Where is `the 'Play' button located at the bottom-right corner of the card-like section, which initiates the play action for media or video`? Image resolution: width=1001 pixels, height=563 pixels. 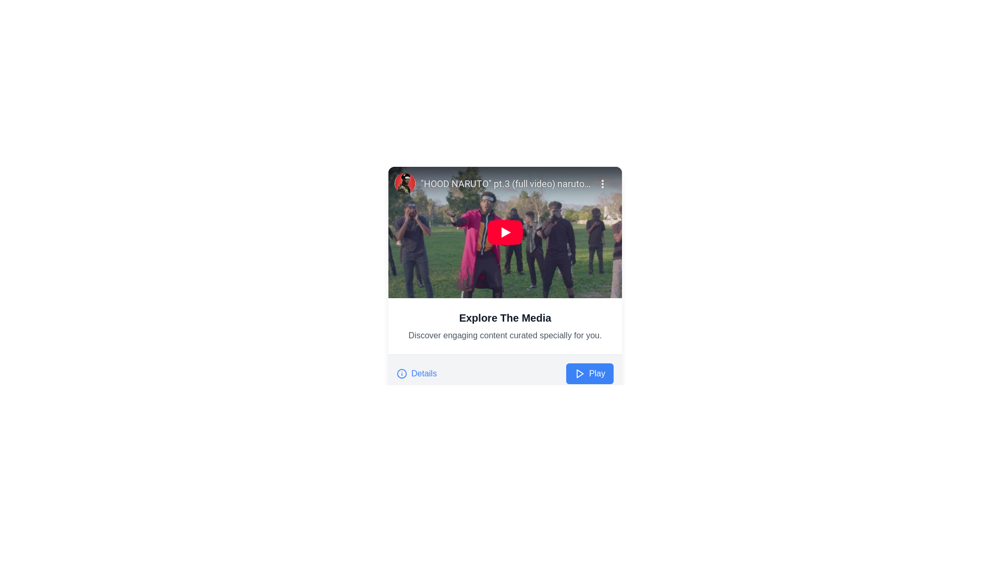
the 'Play' button located at the bottom-right corner of the card-like section, which initiates the play action for media or video is located at coordinates (590, 373).